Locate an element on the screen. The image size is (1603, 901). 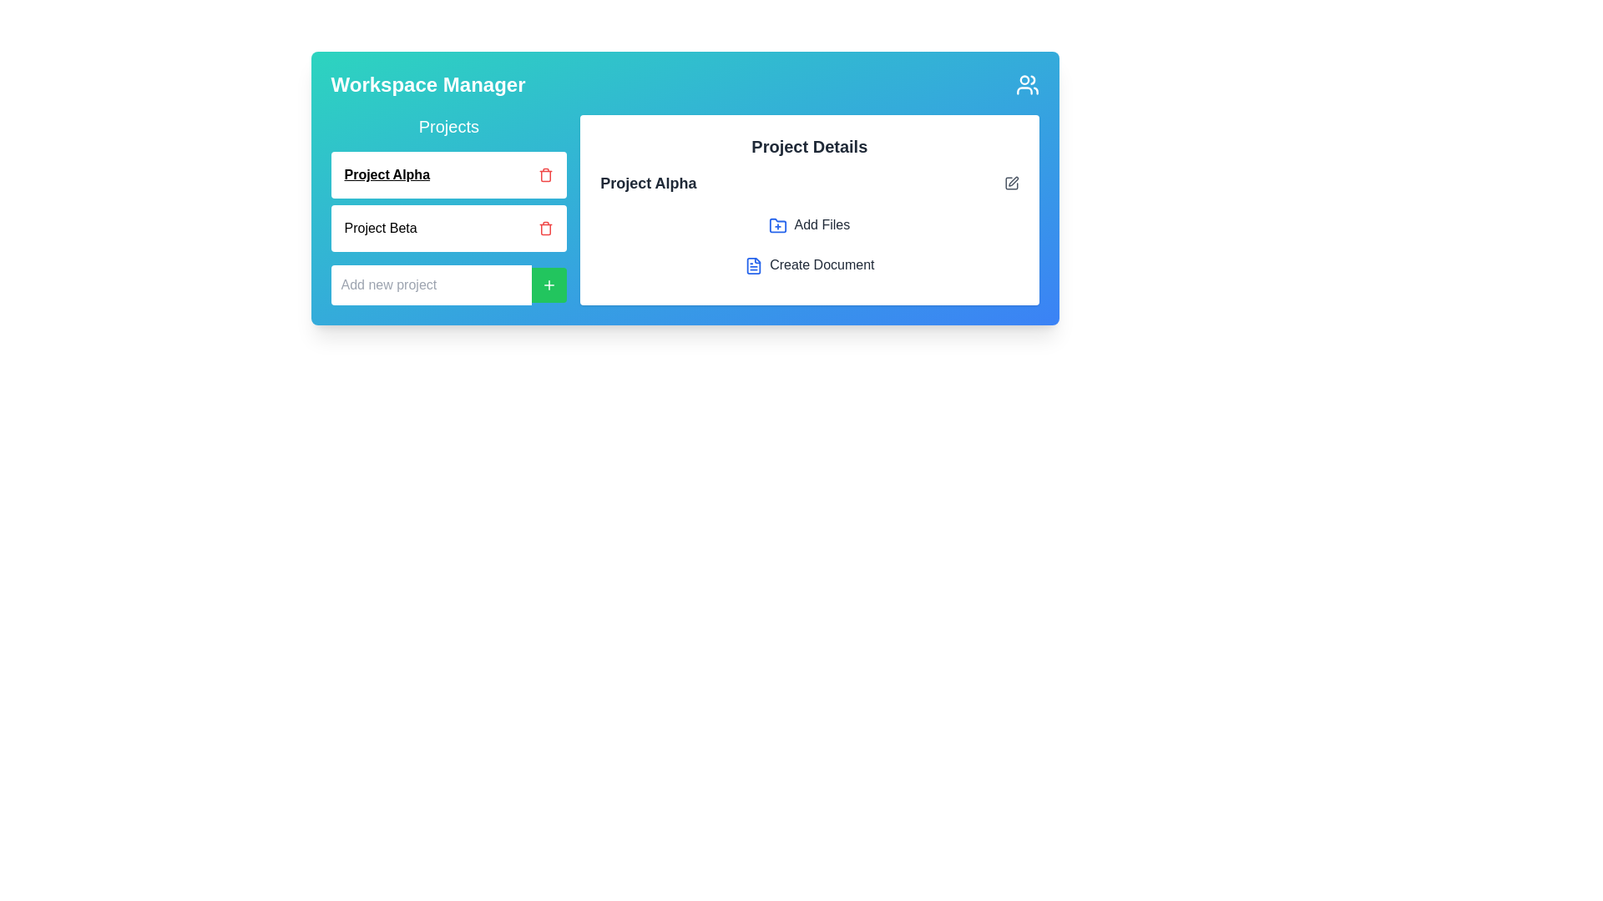
the 'Workspace Manager' text label element, which is styled in bold and larger font against a blue-green gradient background is located at coordinates (428, 84).